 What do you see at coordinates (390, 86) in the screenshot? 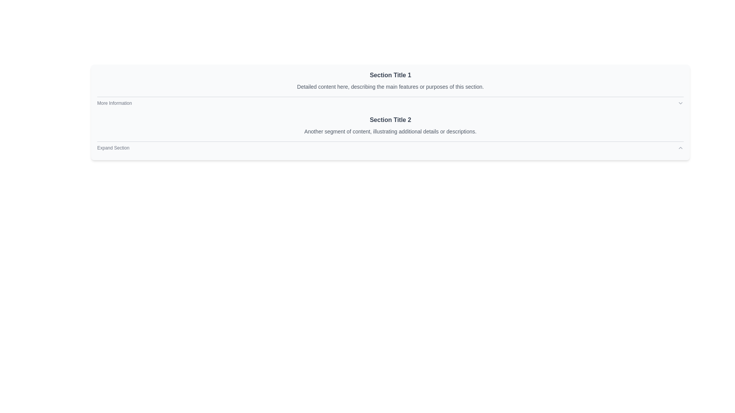
I see `the text element displaying the message 'Detailed content here, describing the main features or purposes of this section.' which is styled with a gray font color and located beneath 'Section Title 1'` at bounding box center [390, 86].